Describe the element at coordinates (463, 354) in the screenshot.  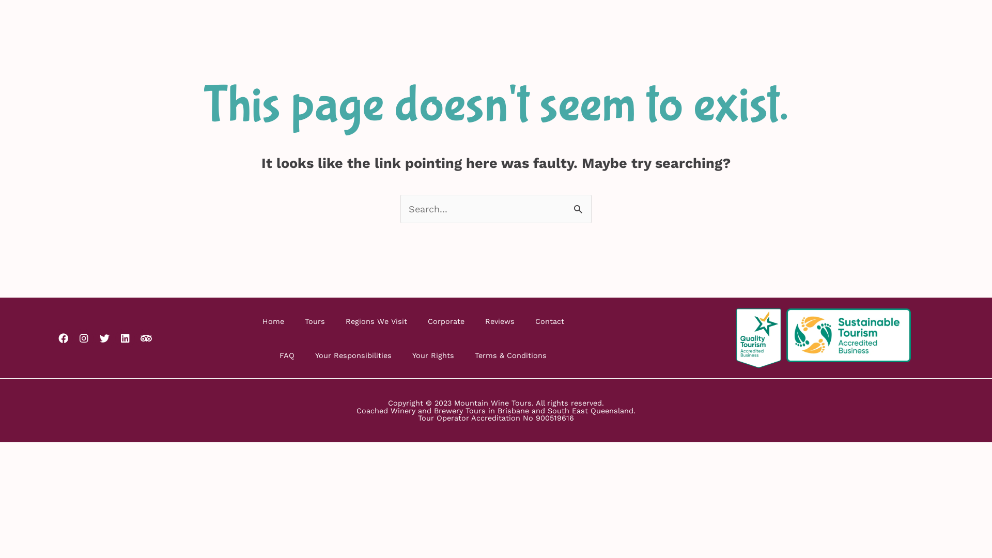
I see `'Terms & Conditions'` at that location.